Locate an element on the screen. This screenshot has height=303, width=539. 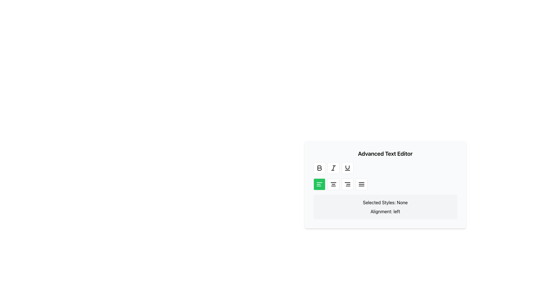
the center alignment button located in the Advanced Text Editor toolbar, positioned between the left and right alignment buttons, to apply center alignment to the selected text is located at coordinates (333, 184).